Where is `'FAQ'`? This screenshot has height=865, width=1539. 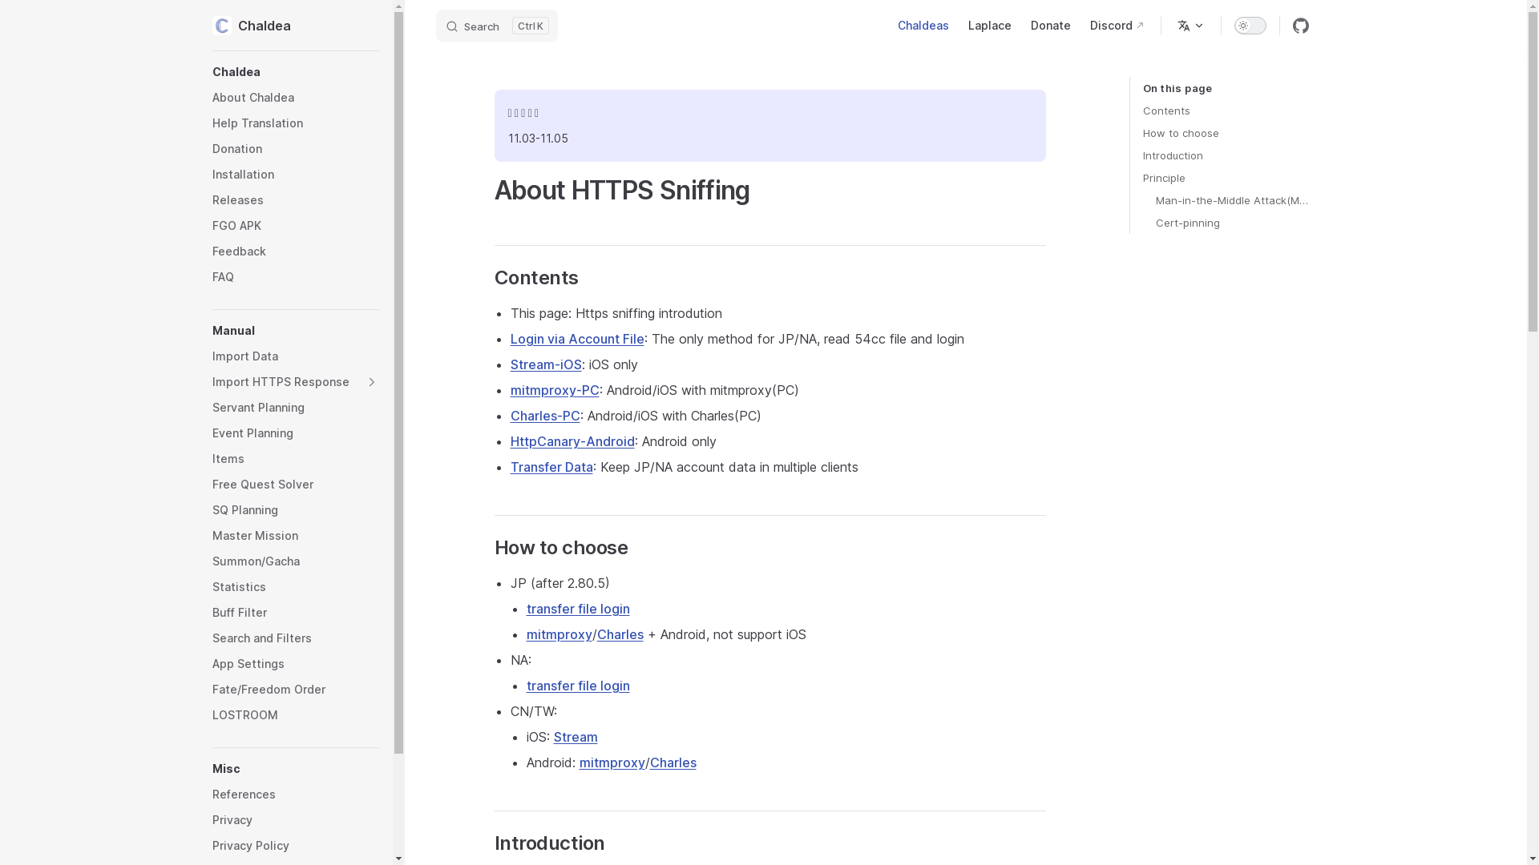 'FAQ' is located at coordinates (295, 276).